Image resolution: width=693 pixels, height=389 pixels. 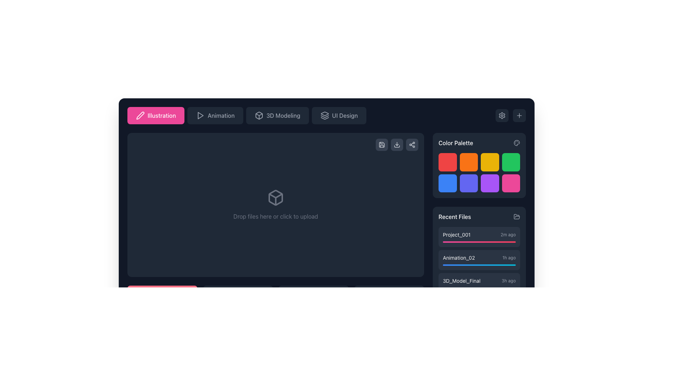 What do you see at coordinates (479, 242) in the screenshot?
I see `the Progress bar located below the 'Project_001' text, which has a gradient color transitioning from pink to rose and is styled with rounded ends` at bounding box center [479, 242].